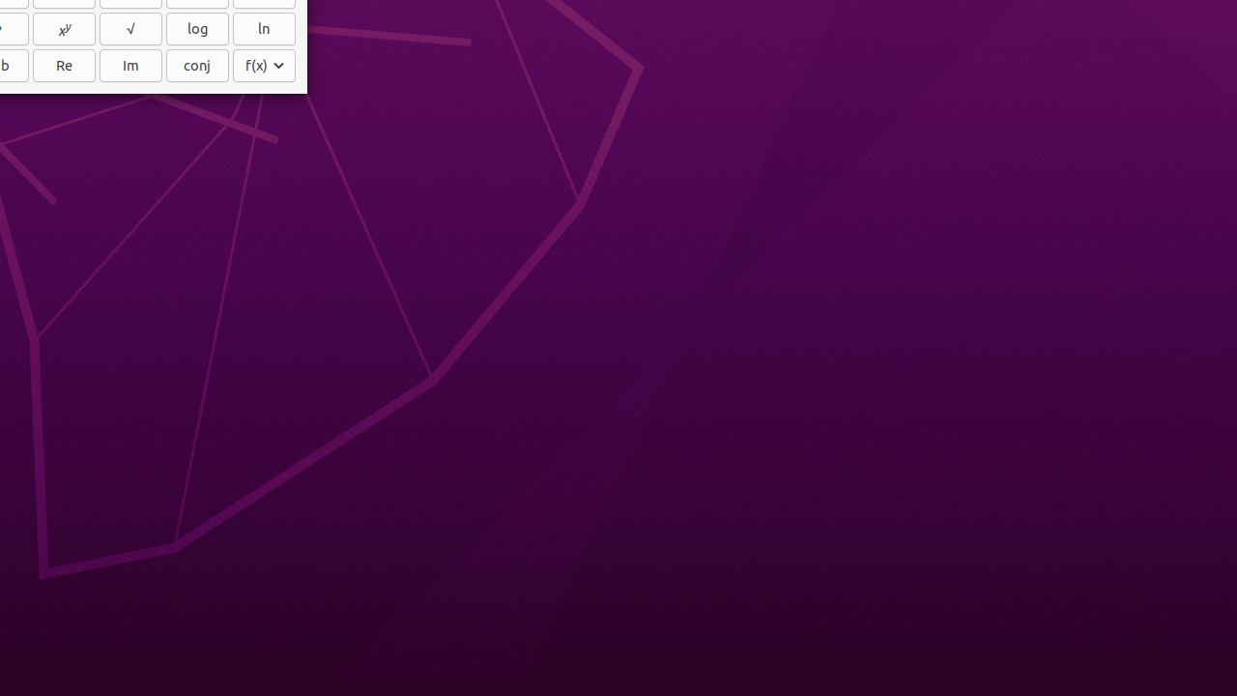 The image size is (1237, 696). Describe the element at coordinates (129, 29) in the screenshot. I see `'√'` at that location.